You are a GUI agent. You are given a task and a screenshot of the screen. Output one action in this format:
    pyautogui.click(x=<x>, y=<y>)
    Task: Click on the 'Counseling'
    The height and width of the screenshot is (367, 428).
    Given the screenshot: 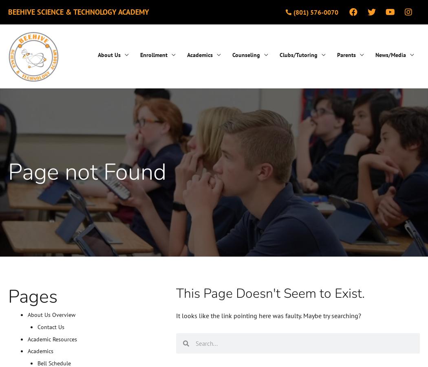 What is the action you would take?
    pyautogui.click(x=232, y=54)
    